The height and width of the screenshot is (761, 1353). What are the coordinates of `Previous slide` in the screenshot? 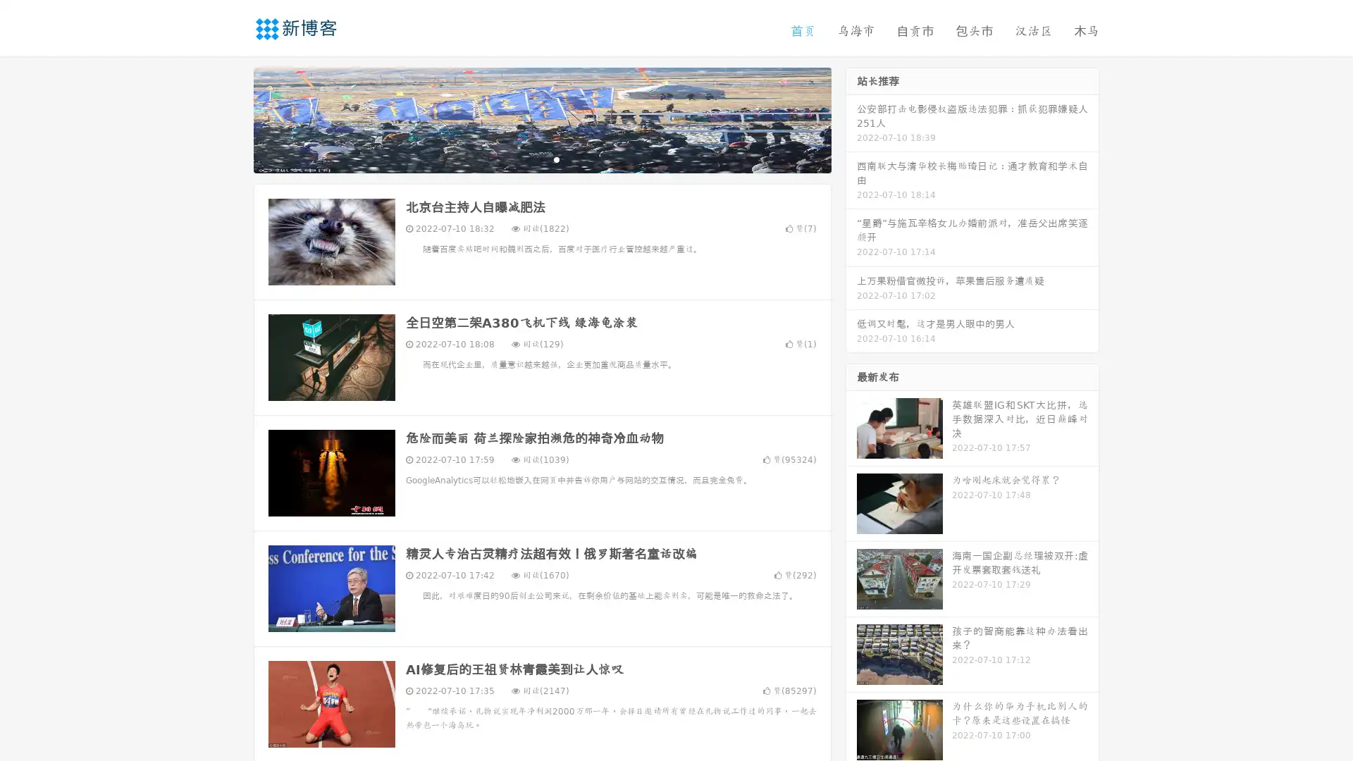 It's located at (233, 118).